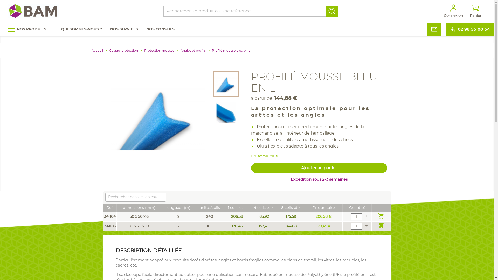 This screenshot has height=280, width=498. Describe the element at coordinates (319, 168) in the screenshot. I see `'Ajouter au panier'` at that location.